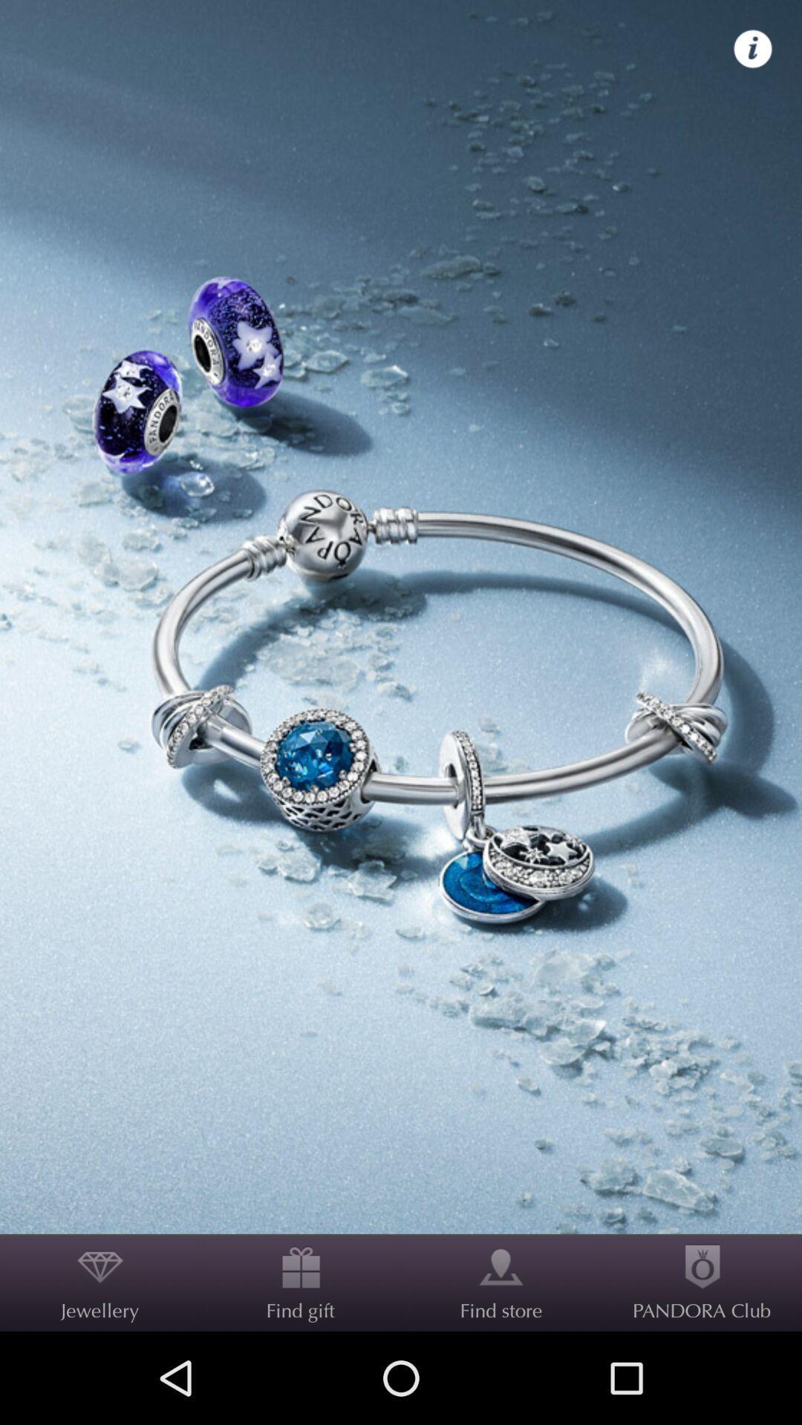  Describe the element at coordinates (753, 52) in the screenshot. I see `the info icon` at that location.